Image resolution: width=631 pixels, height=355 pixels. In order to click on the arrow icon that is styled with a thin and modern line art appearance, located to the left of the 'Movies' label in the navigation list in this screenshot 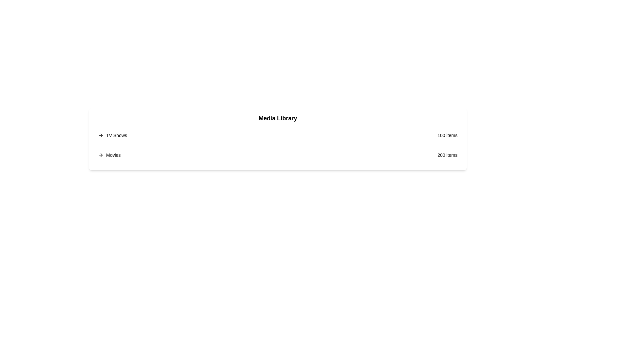, I will do `click(101, 135)`.